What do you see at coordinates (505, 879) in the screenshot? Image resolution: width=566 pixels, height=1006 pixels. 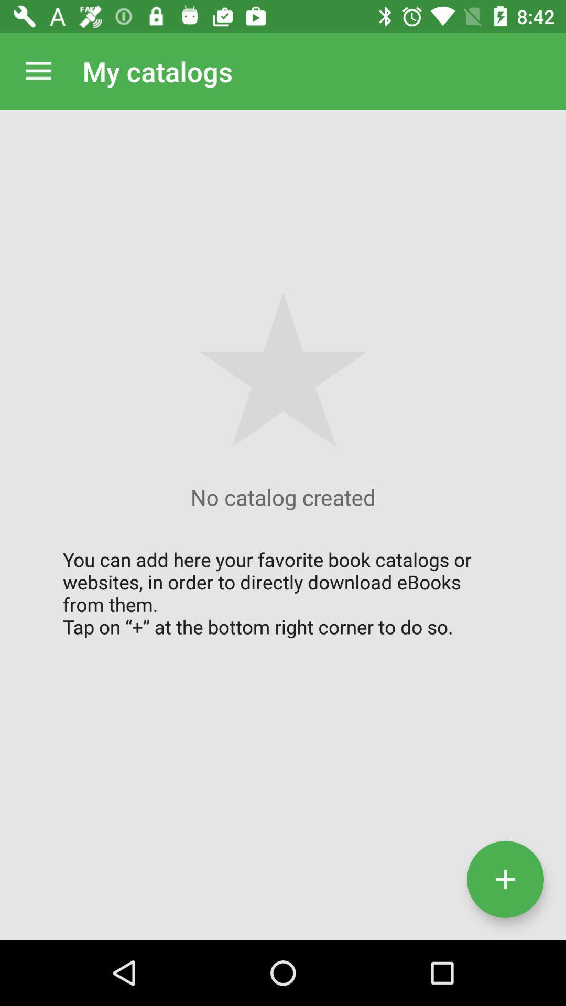 I see `the icon at the bottom right corner` at bounding box center [505, 879].